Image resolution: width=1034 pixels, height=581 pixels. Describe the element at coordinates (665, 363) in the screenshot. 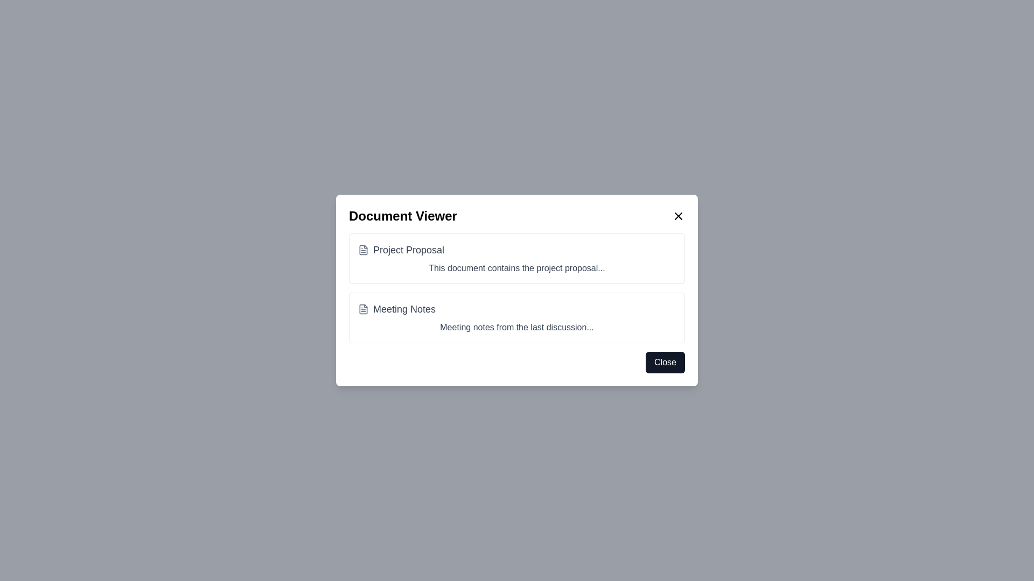

I see `the 'Close' button located at the lower-right corner of the modal dialog box` at that location.